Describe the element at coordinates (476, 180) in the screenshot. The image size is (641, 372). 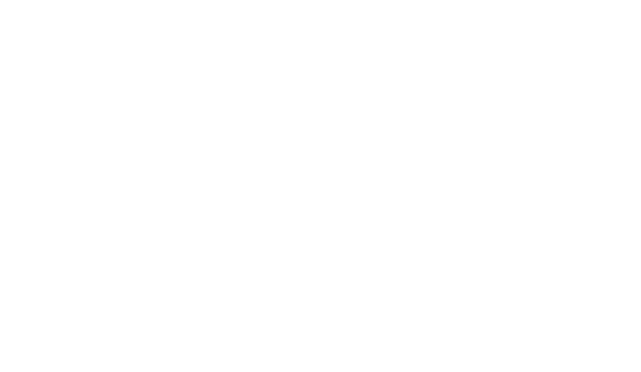
I see `'Lisbon'` at that location.